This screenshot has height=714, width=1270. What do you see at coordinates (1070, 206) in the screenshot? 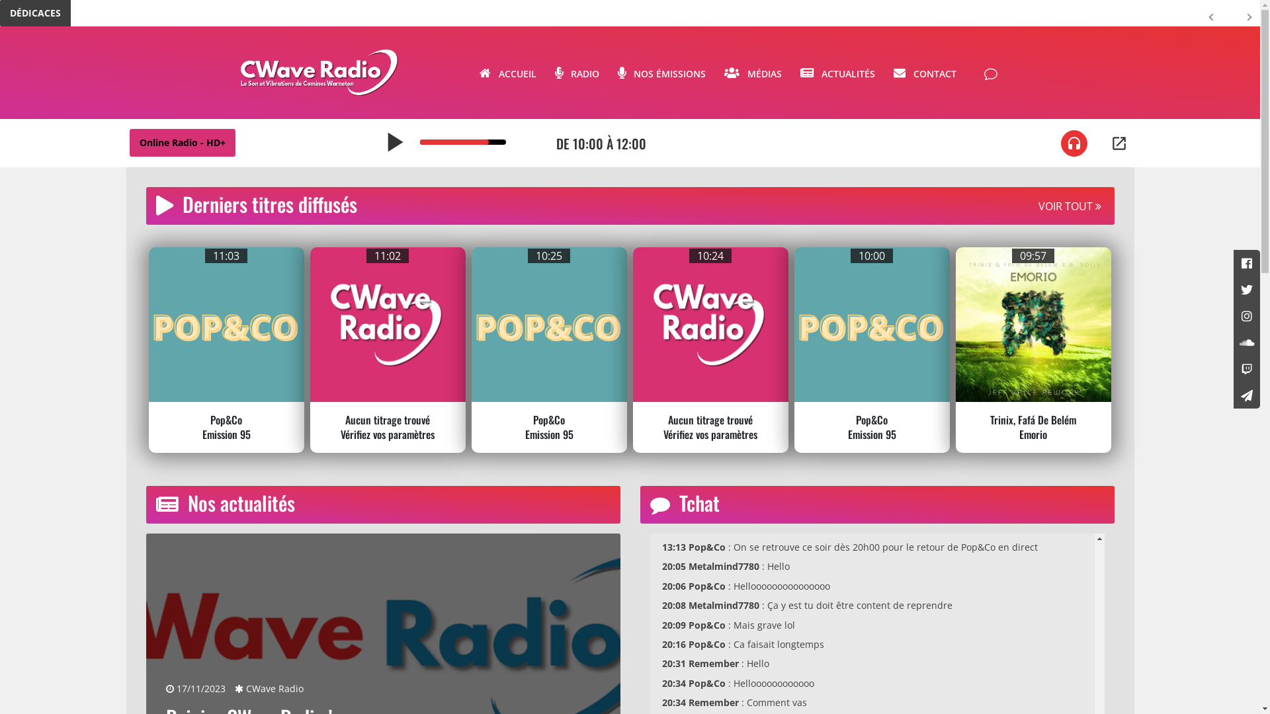
I see `'VOIR TOUT'` at bounding box center [1070, 206].